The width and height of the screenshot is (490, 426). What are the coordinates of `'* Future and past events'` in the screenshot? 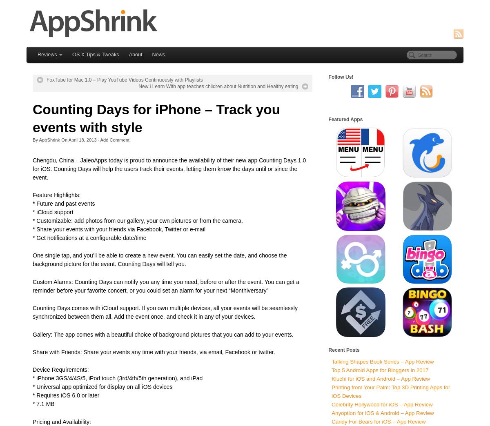 It's located at (63, 203).